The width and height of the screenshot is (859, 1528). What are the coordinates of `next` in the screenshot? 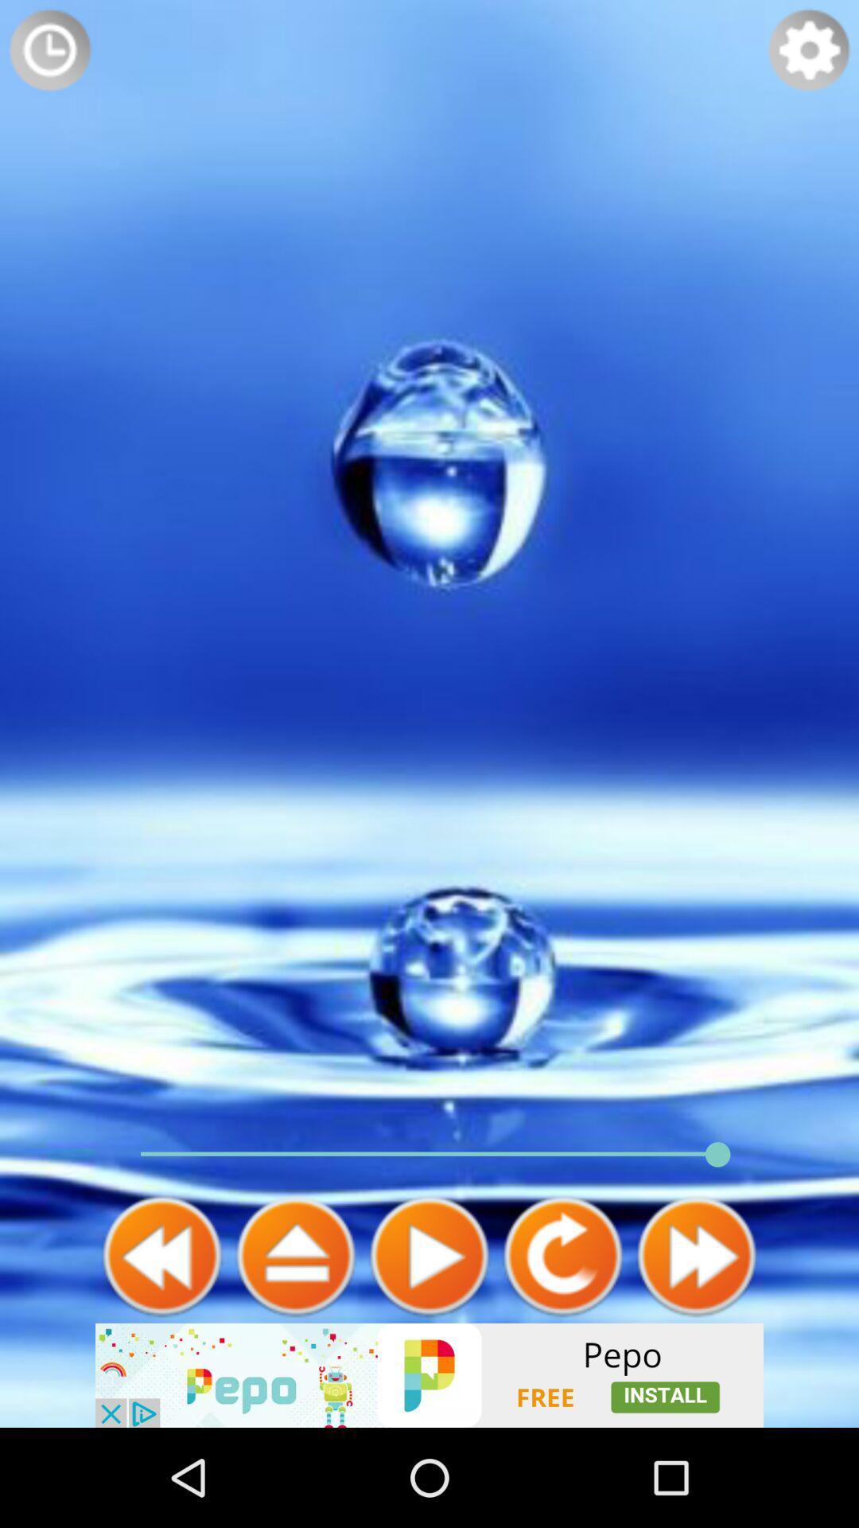 It's located at (695, 1255).